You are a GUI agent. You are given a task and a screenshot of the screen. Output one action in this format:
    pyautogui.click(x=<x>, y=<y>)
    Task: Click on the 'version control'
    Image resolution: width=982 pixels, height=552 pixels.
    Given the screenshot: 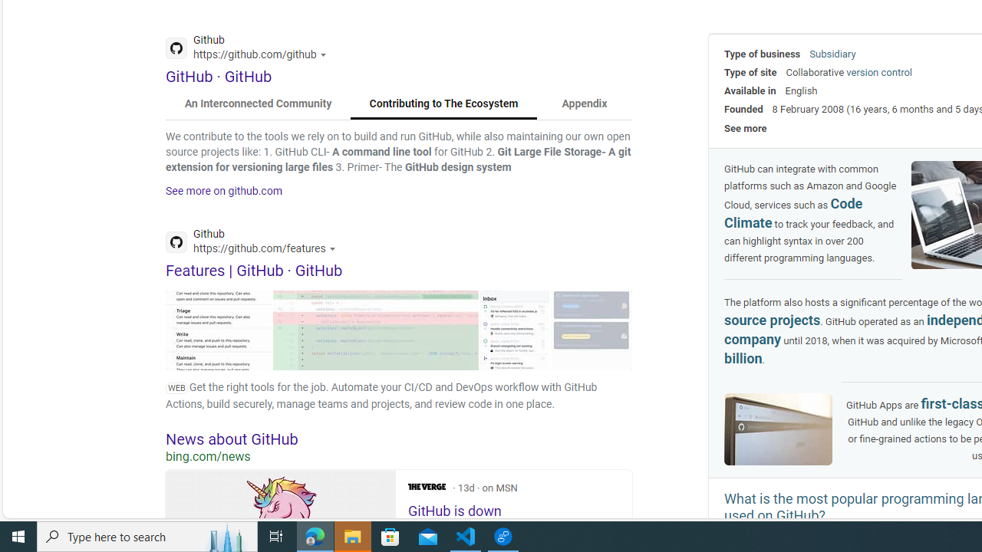 What is the action you would take?
    pyautogui.click(x=879, y=72)
    